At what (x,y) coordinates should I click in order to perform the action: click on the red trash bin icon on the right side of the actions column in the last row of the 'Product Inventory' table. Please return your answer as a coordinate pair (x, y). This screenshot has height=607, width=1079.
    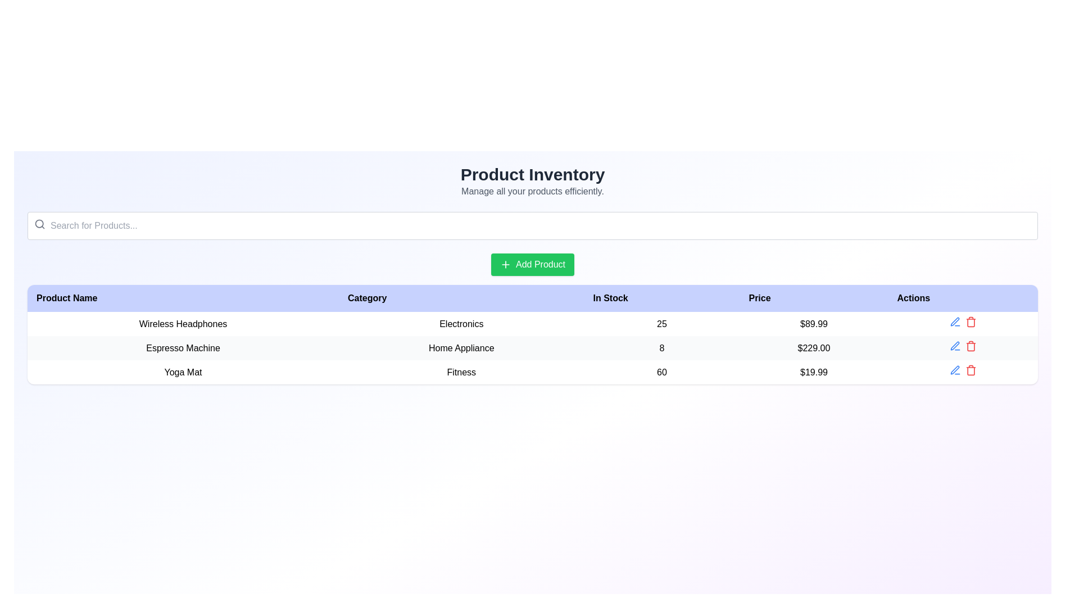
    Looking at the image, I should click on (962, 372).